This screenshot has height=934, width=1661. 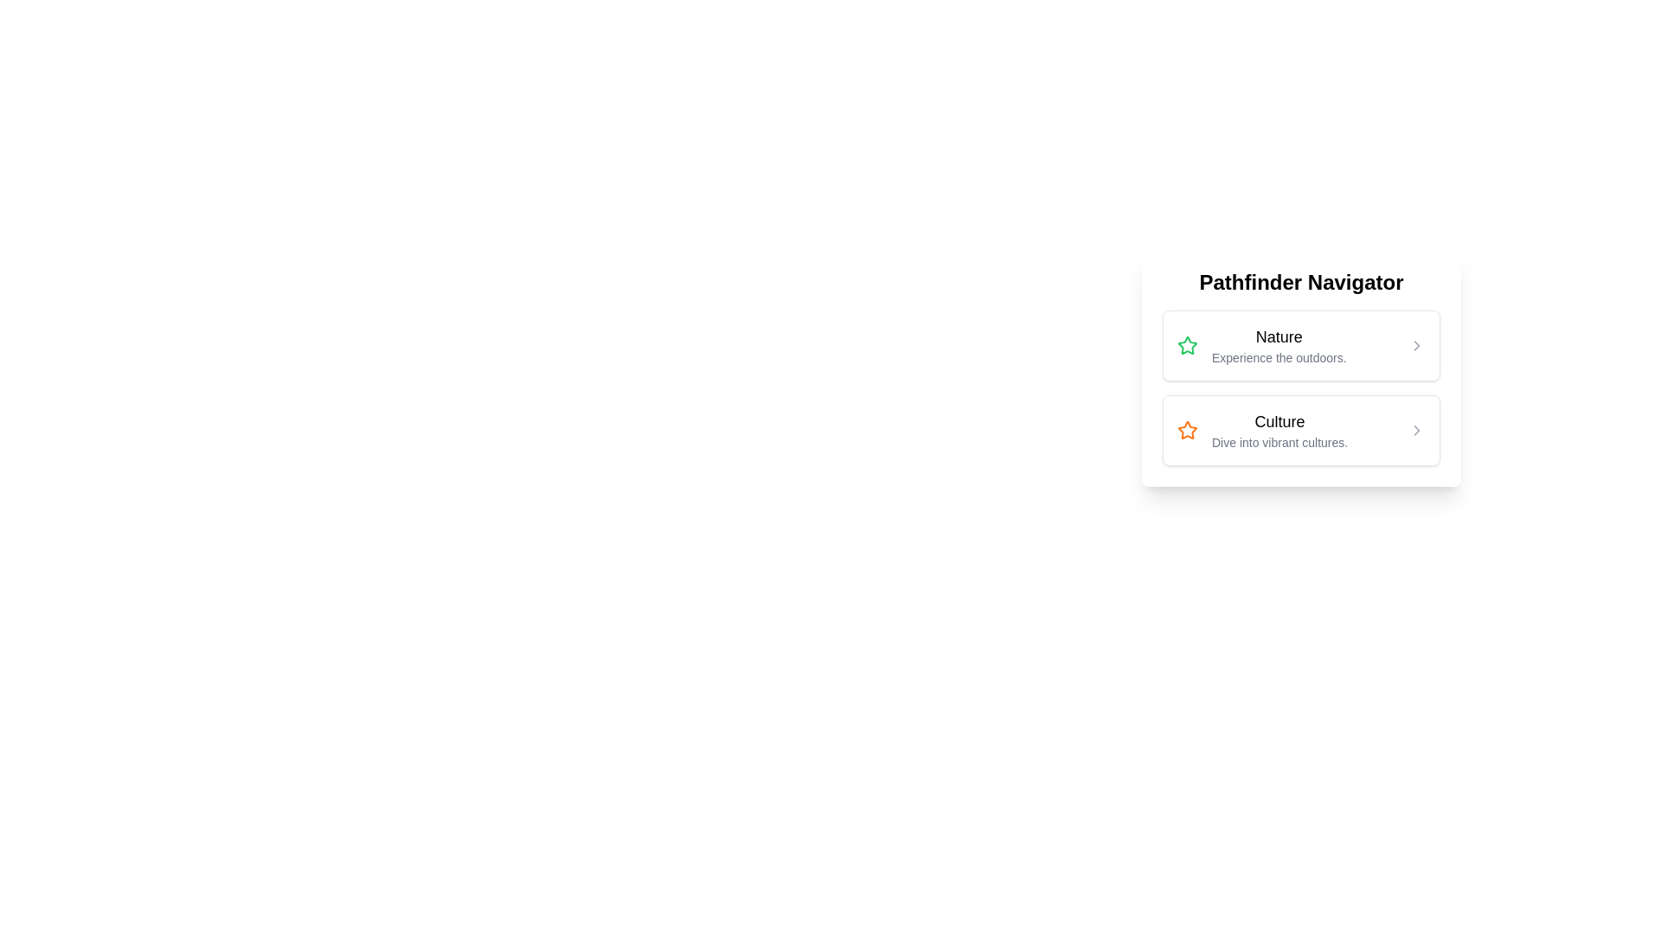 I want to click on the decorative icon located in the second row of the 'Pathfinder Navigator' panel, to the left of the 'Culture' label, so click(x=1186, y=429).